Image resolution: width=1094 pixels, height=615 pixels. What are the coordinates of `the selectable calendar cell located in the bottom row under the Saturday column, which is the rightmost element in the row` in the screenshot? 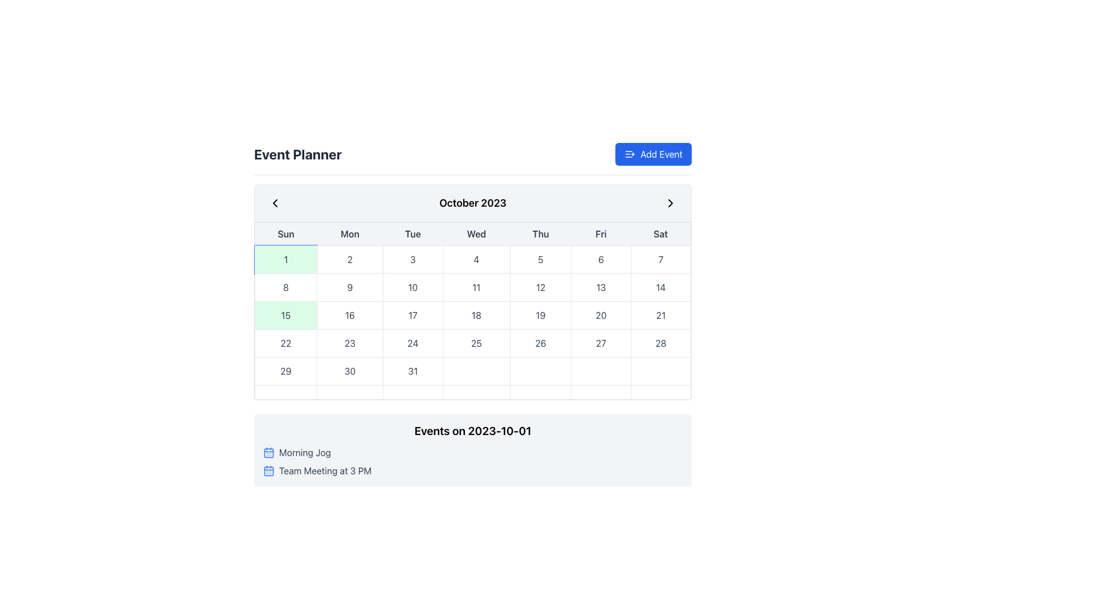 It's located at (660, 392).